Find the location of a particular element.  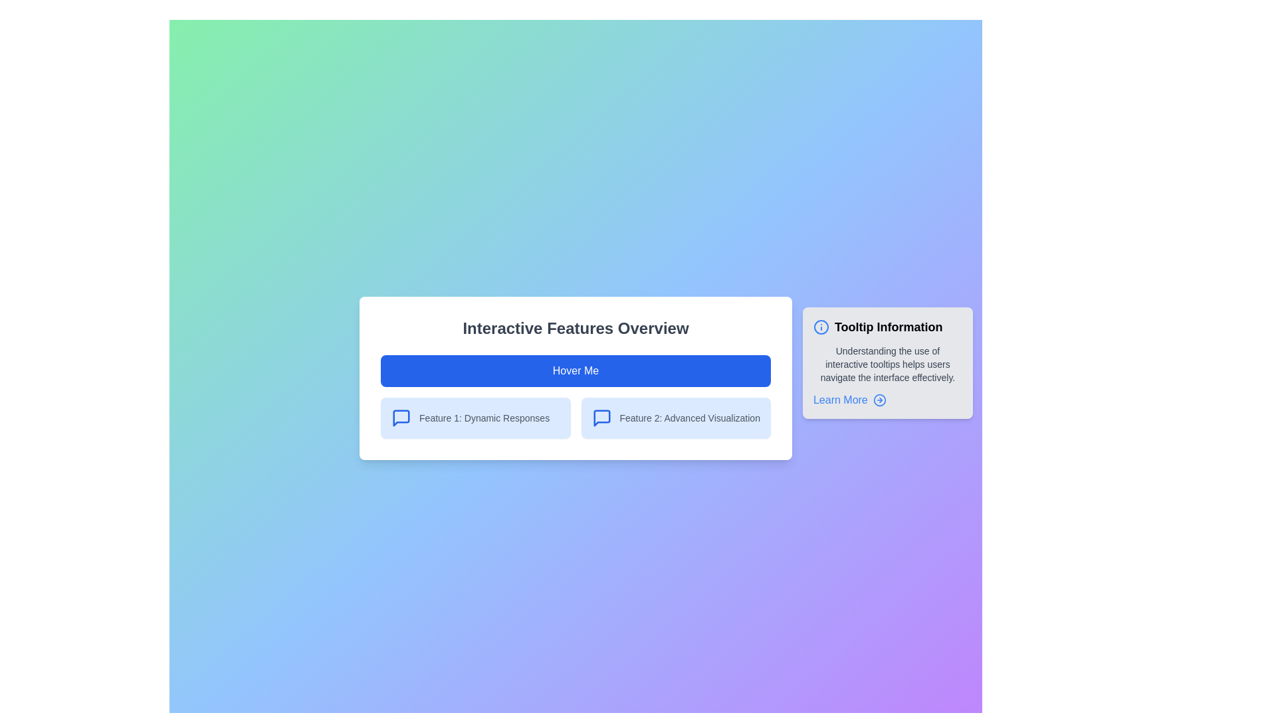

the text label that contains 'Feature 1: Dynamic Responses', which is styled in gray font and part of a horizontally laid-out card with a light blue background is located at coordinates (484, 417).